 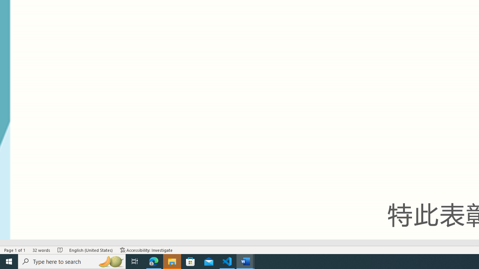 I want to click on 'Word Count 32 words', so click(x=41, y=250).